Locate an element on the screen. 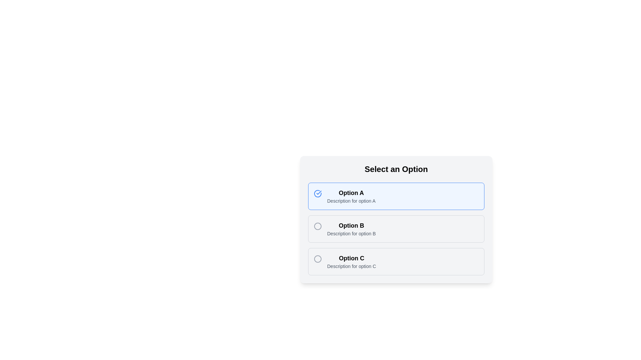 This screenshot has width=641, height=360. the text label 'Option B', which is styled with a bold and larger font, located in the second option group of the selection menu is located at coordinates (351, 225).